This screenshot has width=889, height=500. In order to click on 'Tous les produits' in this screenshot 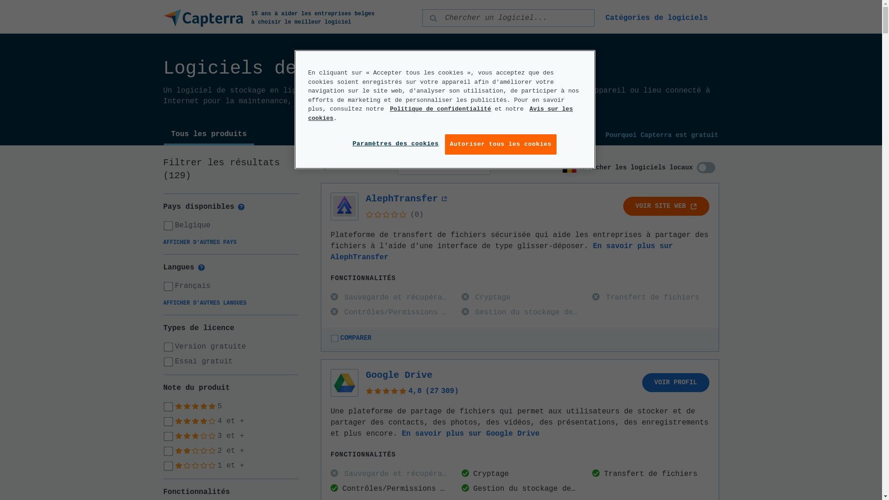, I will do `click(208, 135)`.